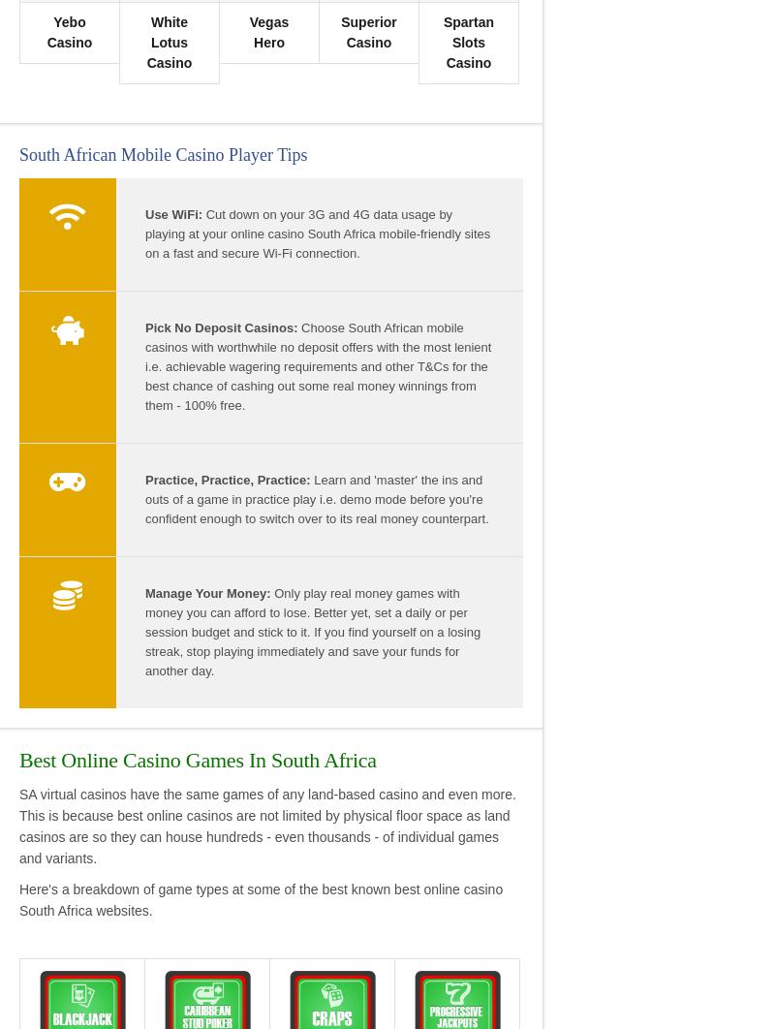  What do you see at coordinates (311, 631) in the screenshot?
I see `'Only play real money games with money you can afford to lose. Better yet, set a daily or per session budget and stick to it. If you find yourself on a losing streak, stop playing immediately and save your funds for another day.'` at bounding box center [311, 631].